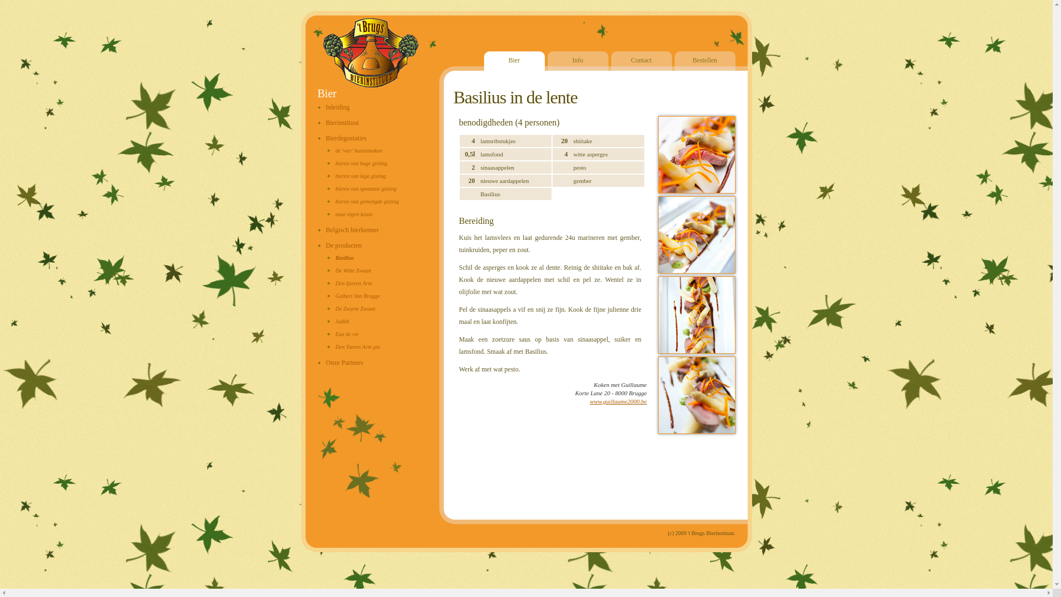  I want to click on 'bieren van spontane gisting', so click(361, 188).